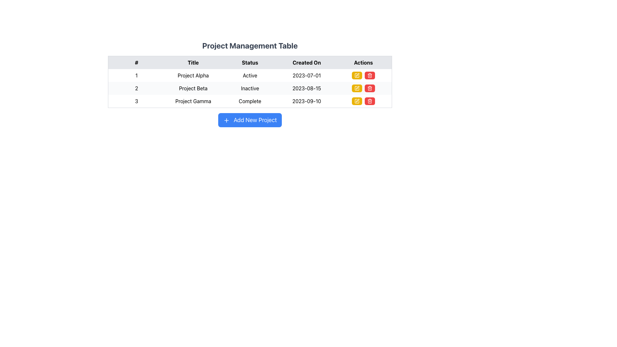 This screenshot has height=347, width=617. I want to click on the delete button located in the Actions column of the second row of the table, so click(370, 88).